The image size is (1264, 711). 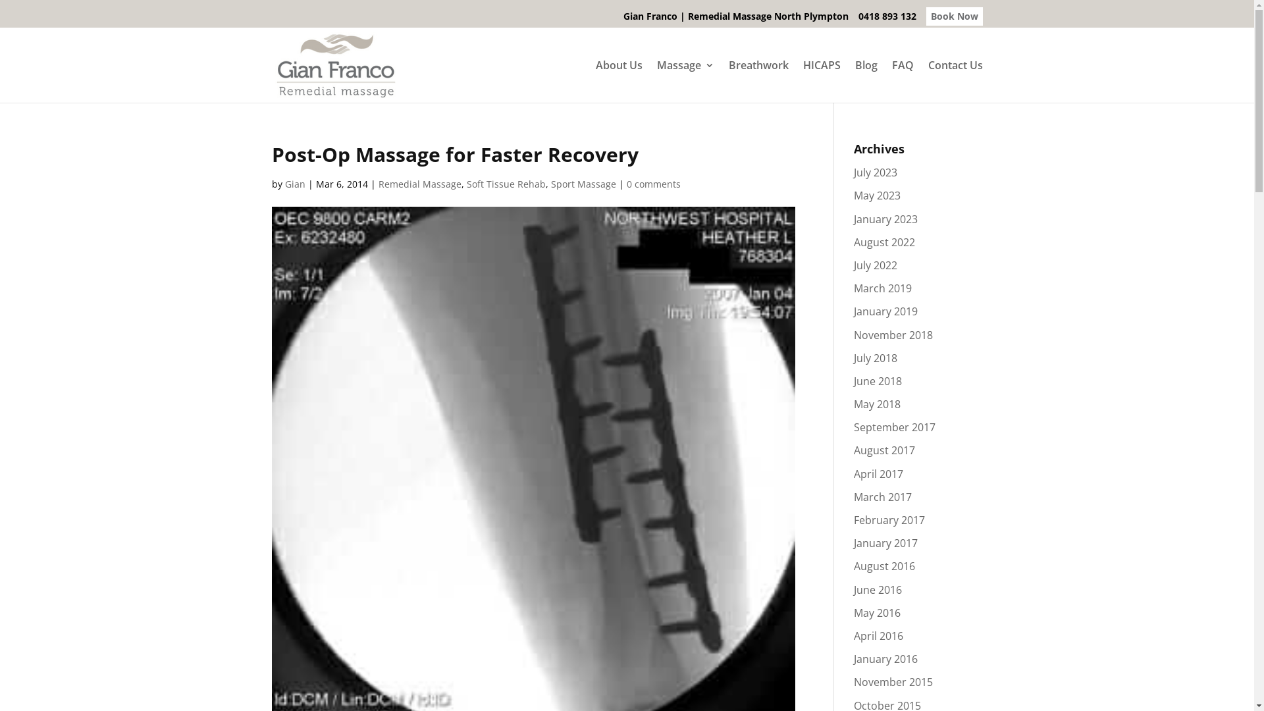 I want to click on 'March 2019', so click(x=882, y=288).